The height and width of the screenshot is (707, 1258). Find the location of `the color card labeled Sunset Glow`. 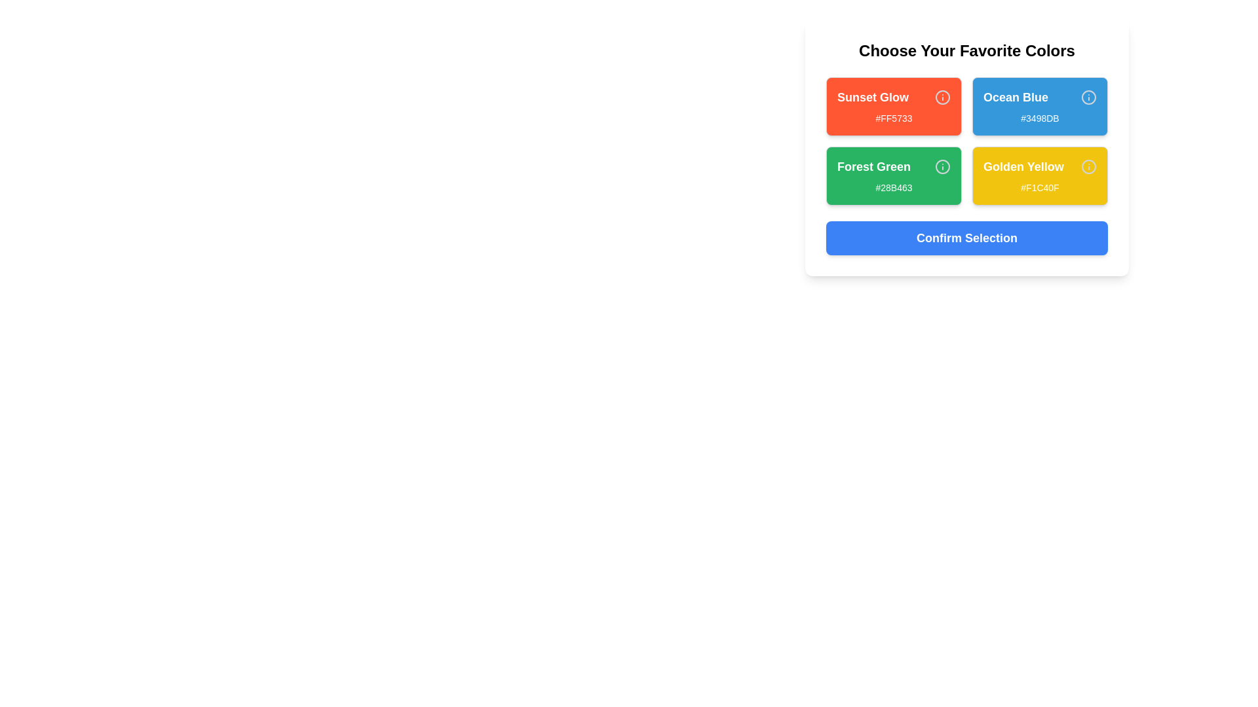

the color card labeled Sunset Glow is located at coordinates (893, 105).